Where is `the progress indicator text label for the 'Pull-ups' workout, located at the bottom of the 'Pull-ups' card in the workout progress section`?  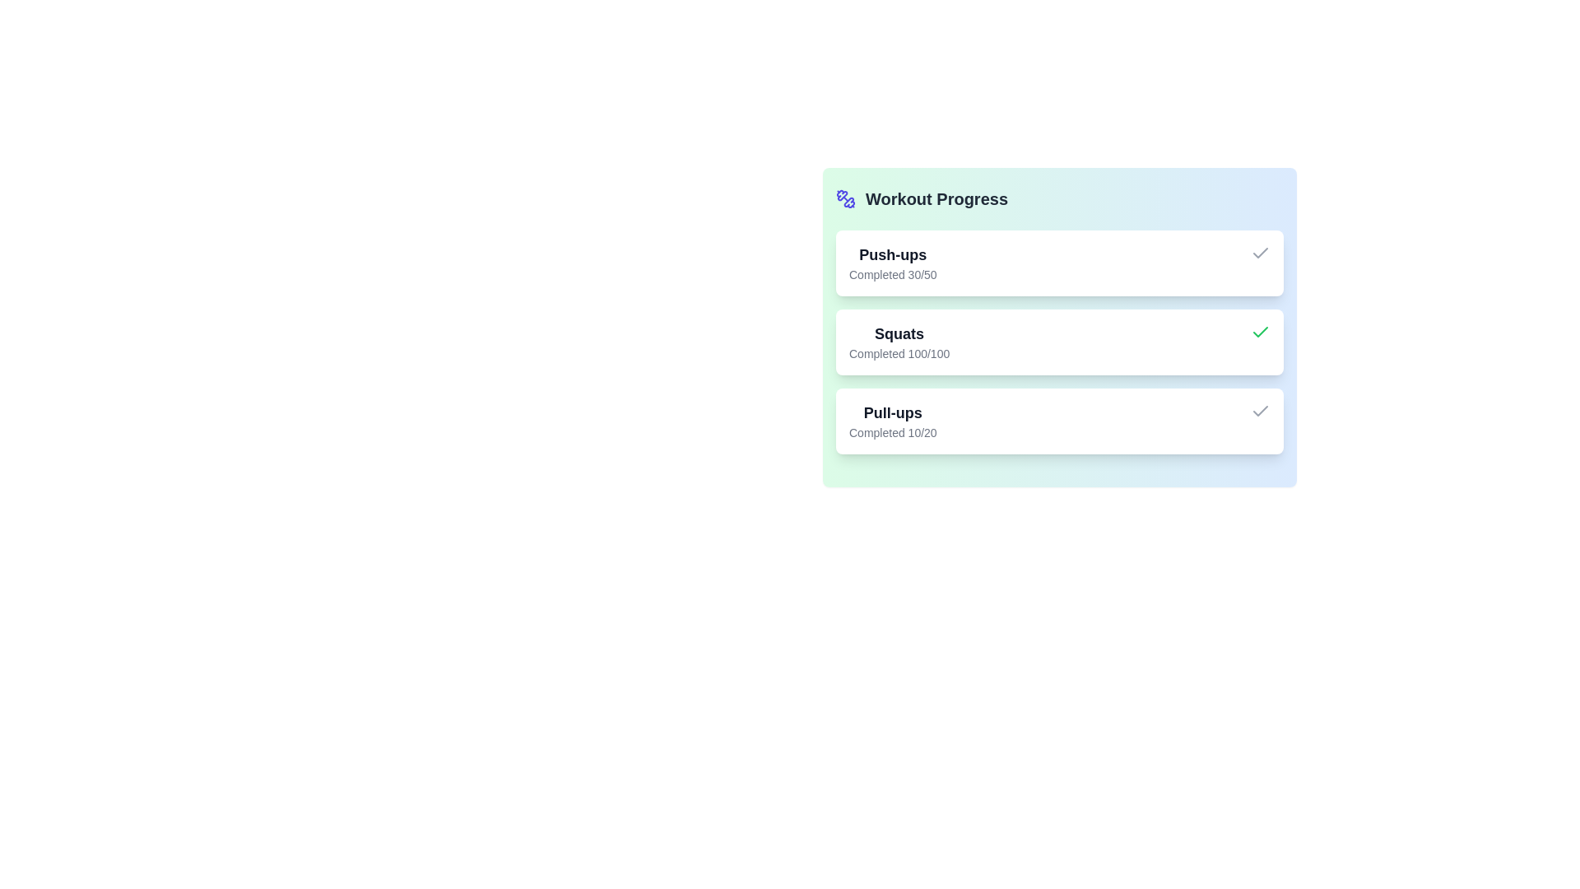
the progress indicator text label for the 'Pull-ups' workout, located at the bottom of the 'Pull-ups' card in the workout progress section is located at coordinates (892, 431).